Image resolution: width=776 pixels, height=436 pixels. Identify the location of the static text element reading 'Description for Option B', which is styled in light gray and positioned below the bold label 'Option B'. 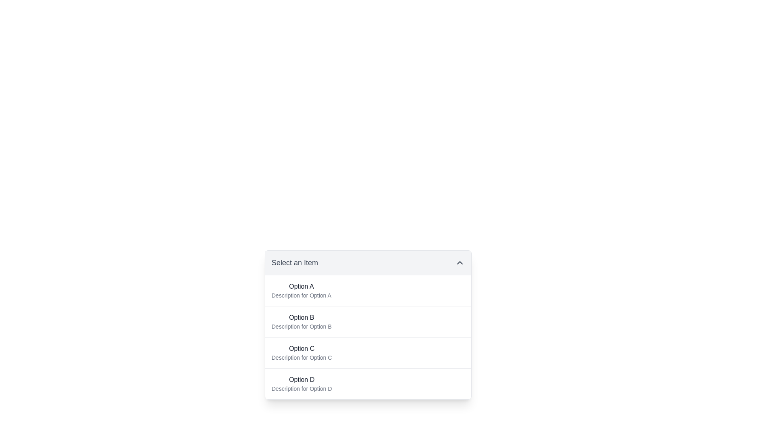
(301, 326).